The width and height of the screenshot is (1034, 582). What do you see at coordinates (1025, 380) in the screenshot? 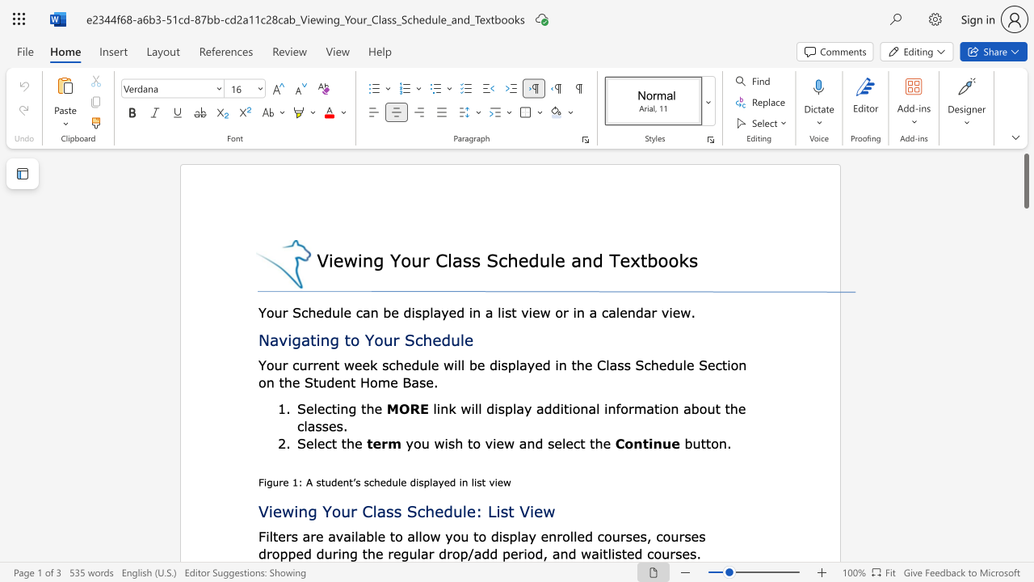
I see `the scrollbar to move the page down` at bounding box center [1025, 380].